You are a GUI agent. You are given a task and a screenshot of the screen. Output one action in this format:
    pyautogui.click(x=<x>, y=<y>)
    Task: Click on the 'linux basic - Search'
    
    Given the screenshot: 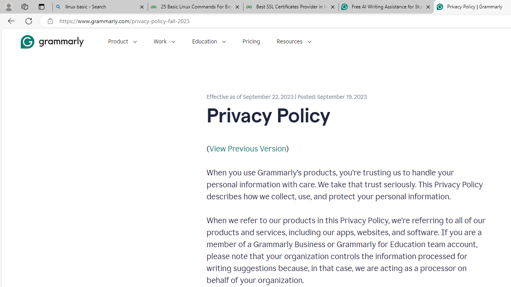 What is the action you would take?
    pyautogui.click(x=99, y=7)
    